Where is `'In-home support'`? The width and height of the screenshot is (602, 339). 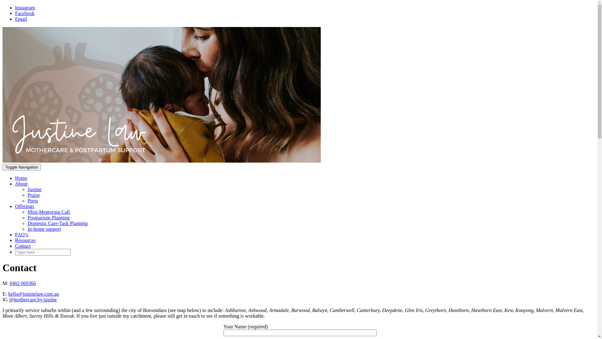
'In-home support' is located at coordinates (44, 229).